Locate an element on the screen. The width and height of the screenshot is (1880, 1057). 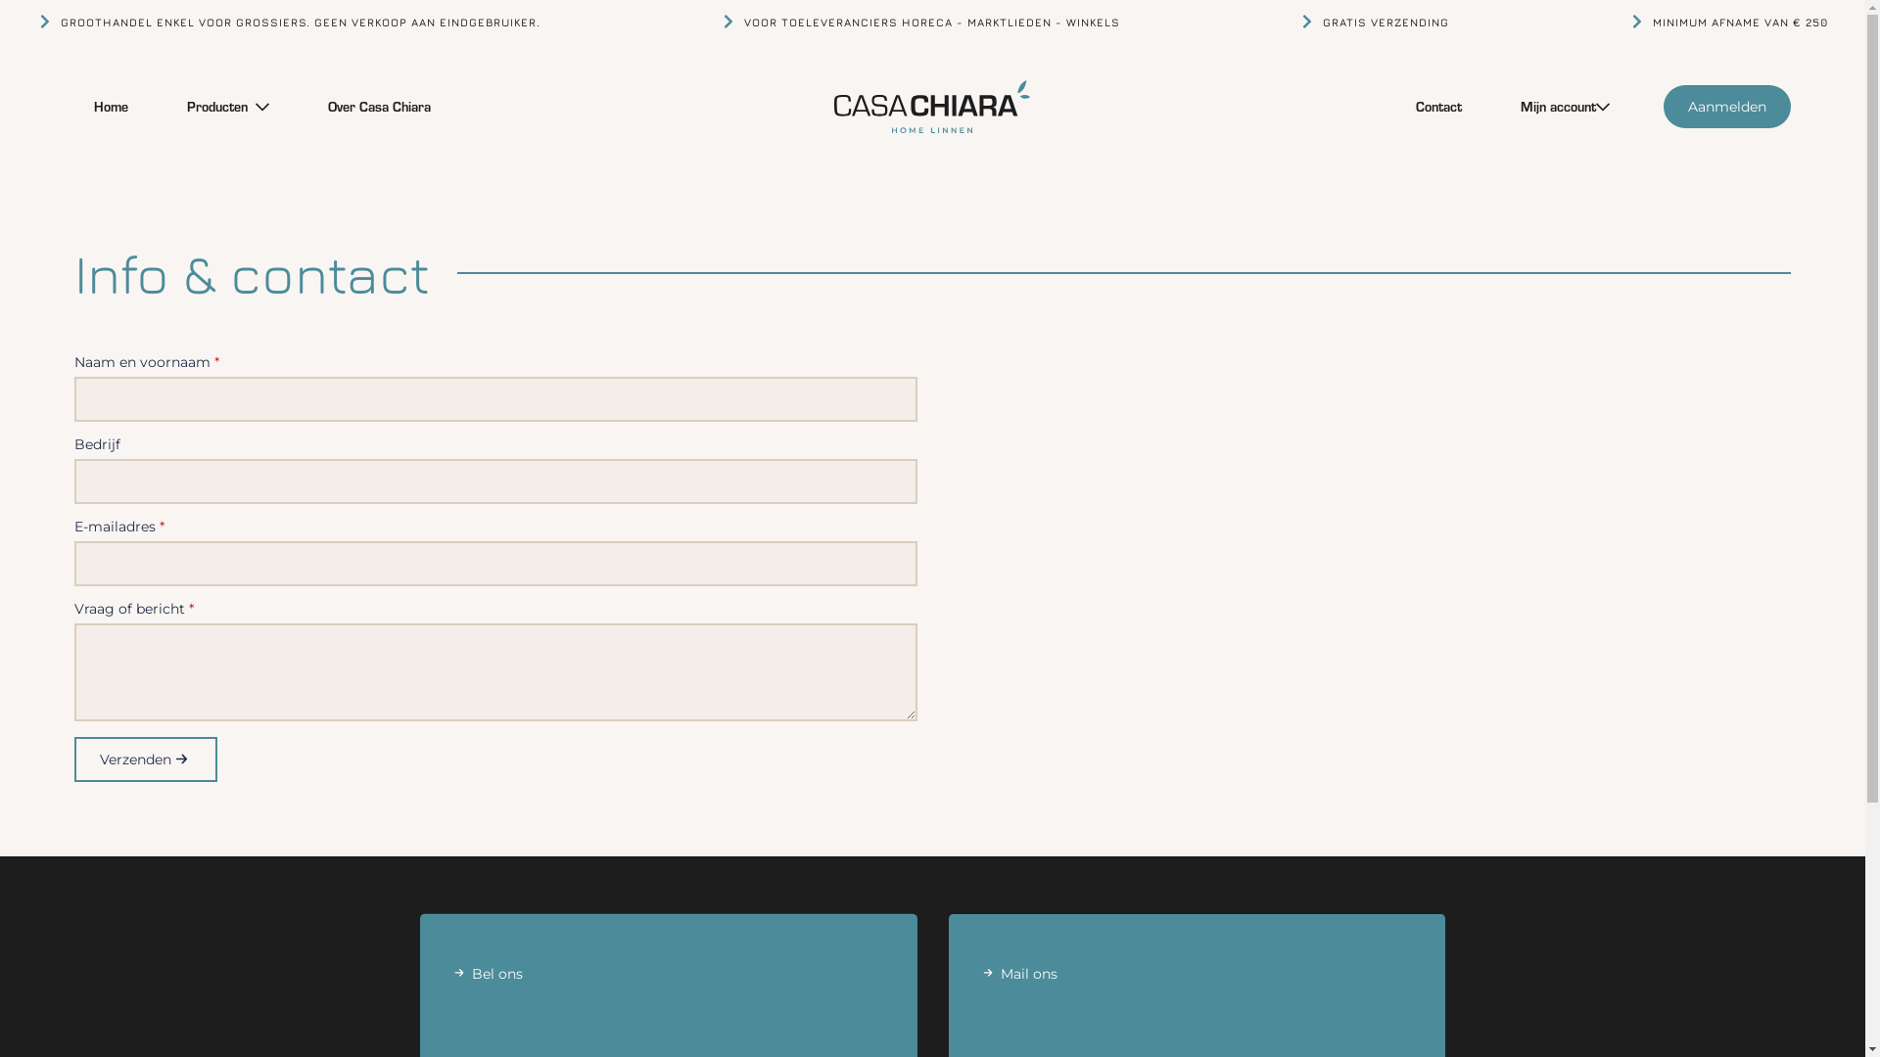
'Producten  ' is located at coordinates (211, 106).